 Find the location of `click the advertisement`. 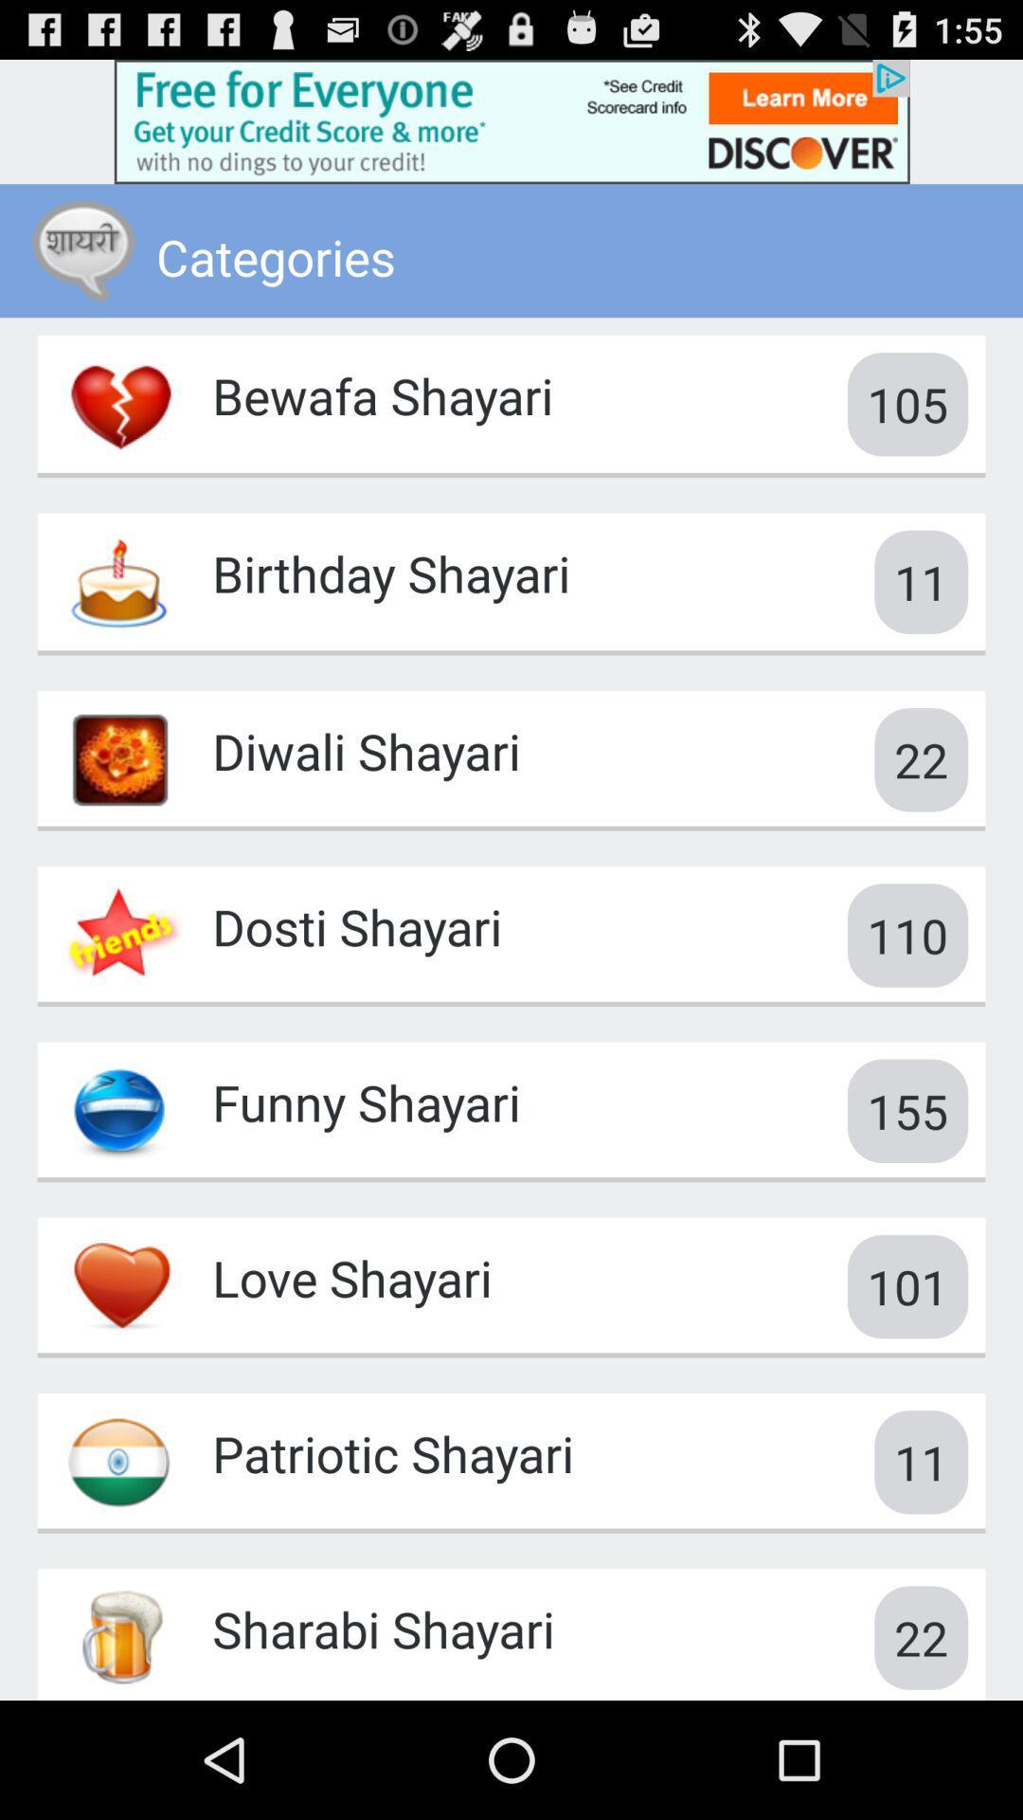

click the advertisement is located at coordinates (511, 120).